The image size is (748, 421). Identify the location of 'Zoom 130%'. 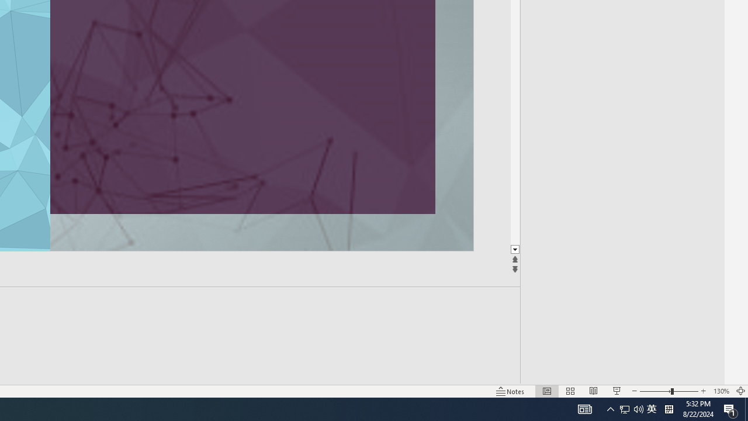
(721, 391).